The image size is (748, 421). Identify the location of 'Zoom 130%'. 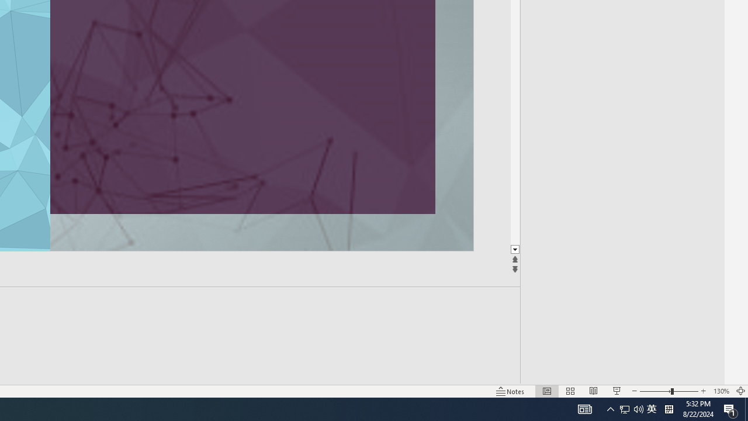
(721, 391).